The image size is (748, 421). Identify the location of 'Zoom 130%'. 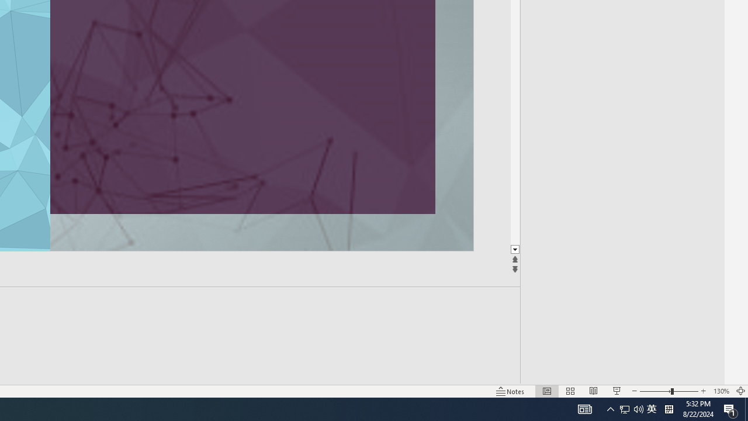
(721, 391).